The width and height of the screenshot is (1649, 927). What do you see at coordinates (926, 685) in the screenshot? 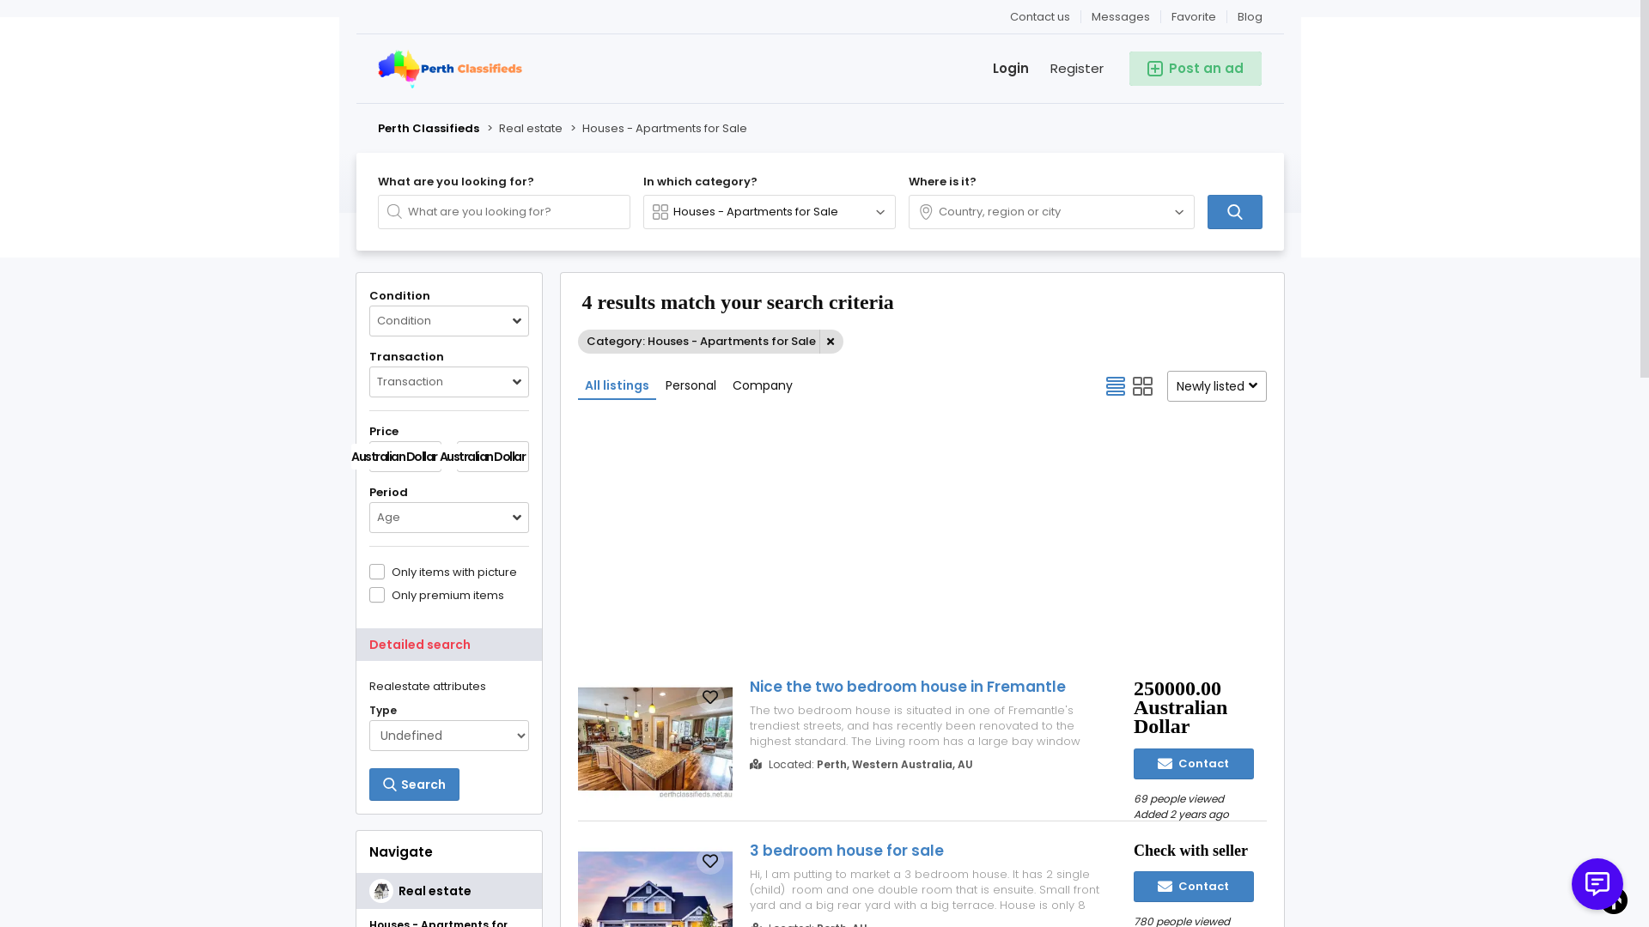
I see `'Nice the two bedroom house in Fremantle'` at bounding box center [926, 685].